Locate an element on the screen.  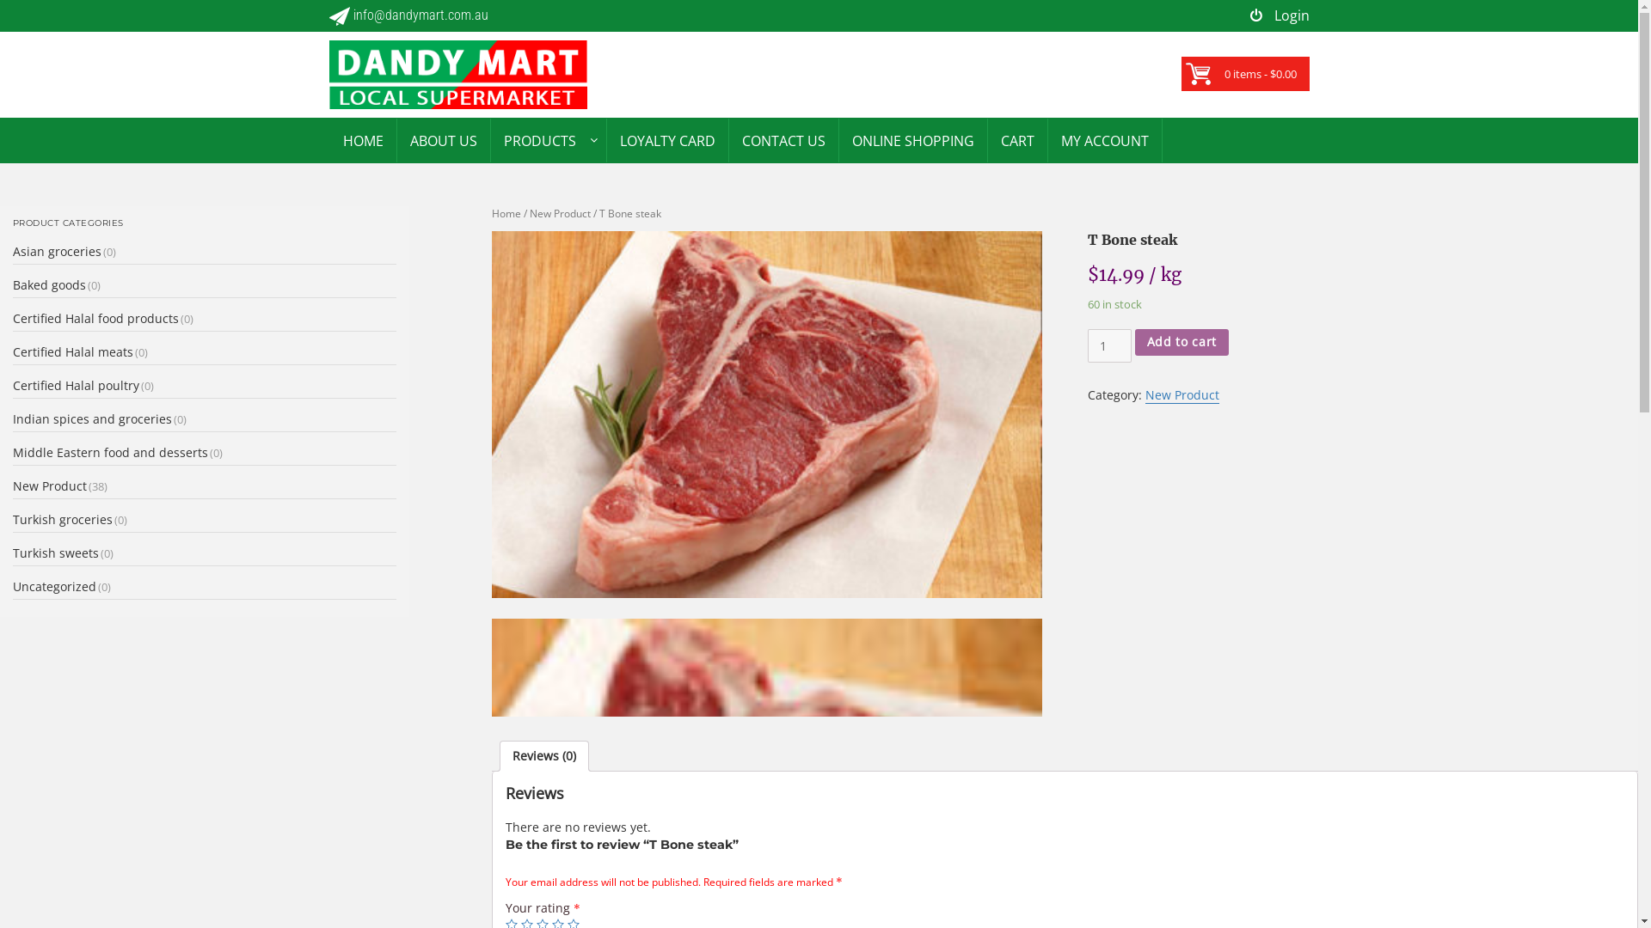
'Home' is located at coordinates (506, 212).